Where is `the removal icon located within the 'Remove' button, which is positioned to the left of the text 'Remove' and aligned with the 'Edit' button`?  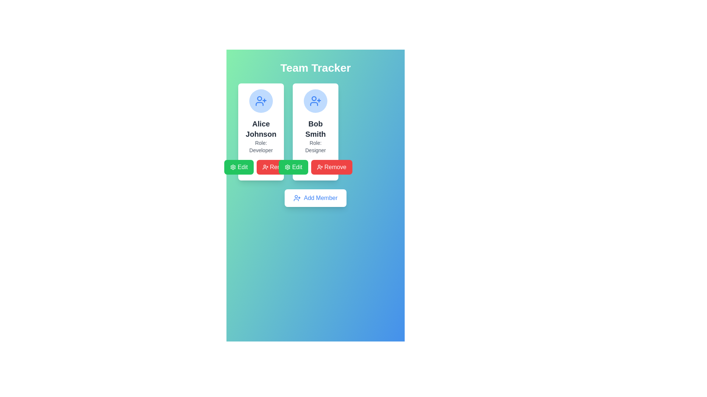
the removal icon located within the 'Remove' button, which is positioned to the left of the text 'Remove' and aligned with the 'Edit' button is located at coordinates (320, 167).